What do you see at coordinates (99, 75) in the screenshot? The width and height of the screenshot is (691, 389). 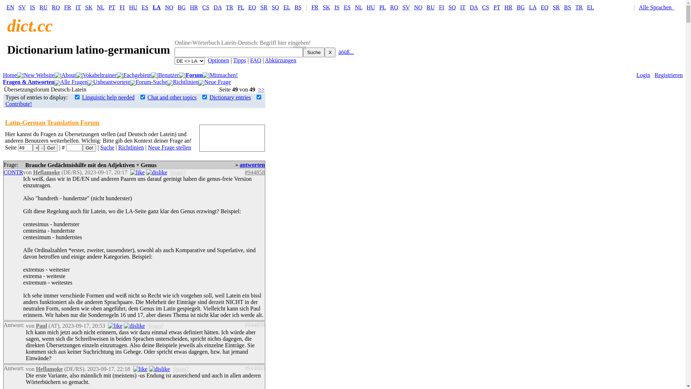 I see `'Vokabeltrainer'` at bounding box center [99, 75].